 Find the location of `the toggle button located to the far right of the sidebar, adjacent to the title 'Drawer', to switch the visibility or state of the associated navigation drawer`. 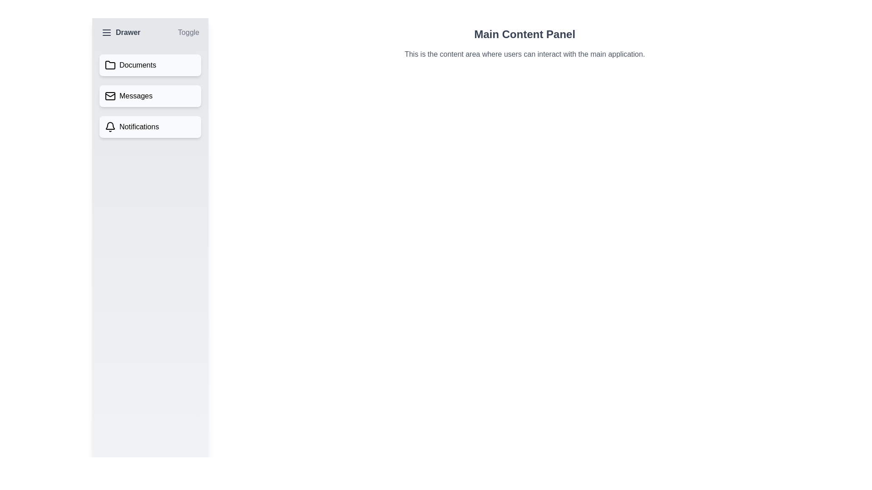

the toggle button located to the far right of the sidebar, adjacent to the title 'Drawer', to switch the visibility or state of the associated navigation drawer is located at coordinates (188, 32).